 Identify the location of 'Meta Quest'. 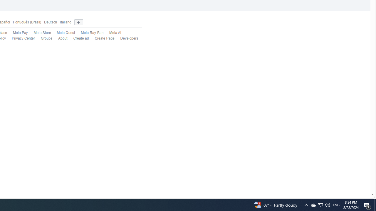
(66, 33).